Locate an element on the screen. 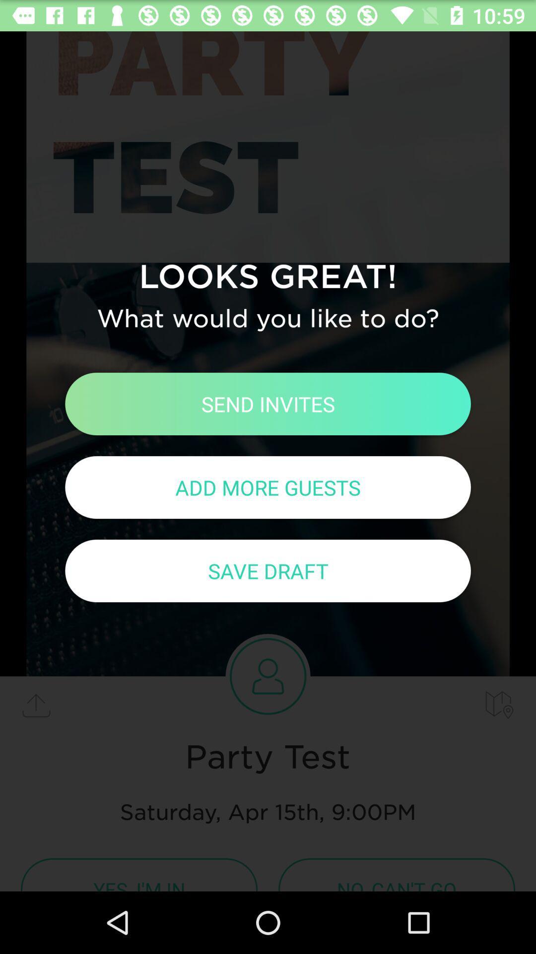 The width and height of the screenshot is (536, 954). the star icon is located at coordinates (499, 705).